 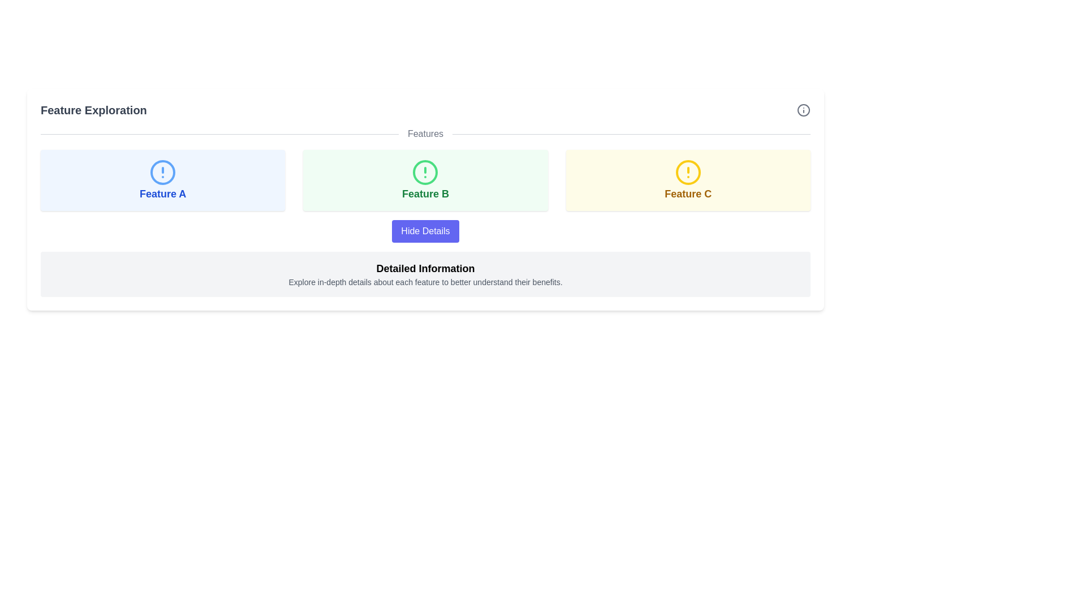 What do you see at coordinates (425, 281) in the screenshot?
I see `the informational Text label located in the 'Detailed Information' section, which provides additional descriptive information about features` at bounding box center [425, 281].